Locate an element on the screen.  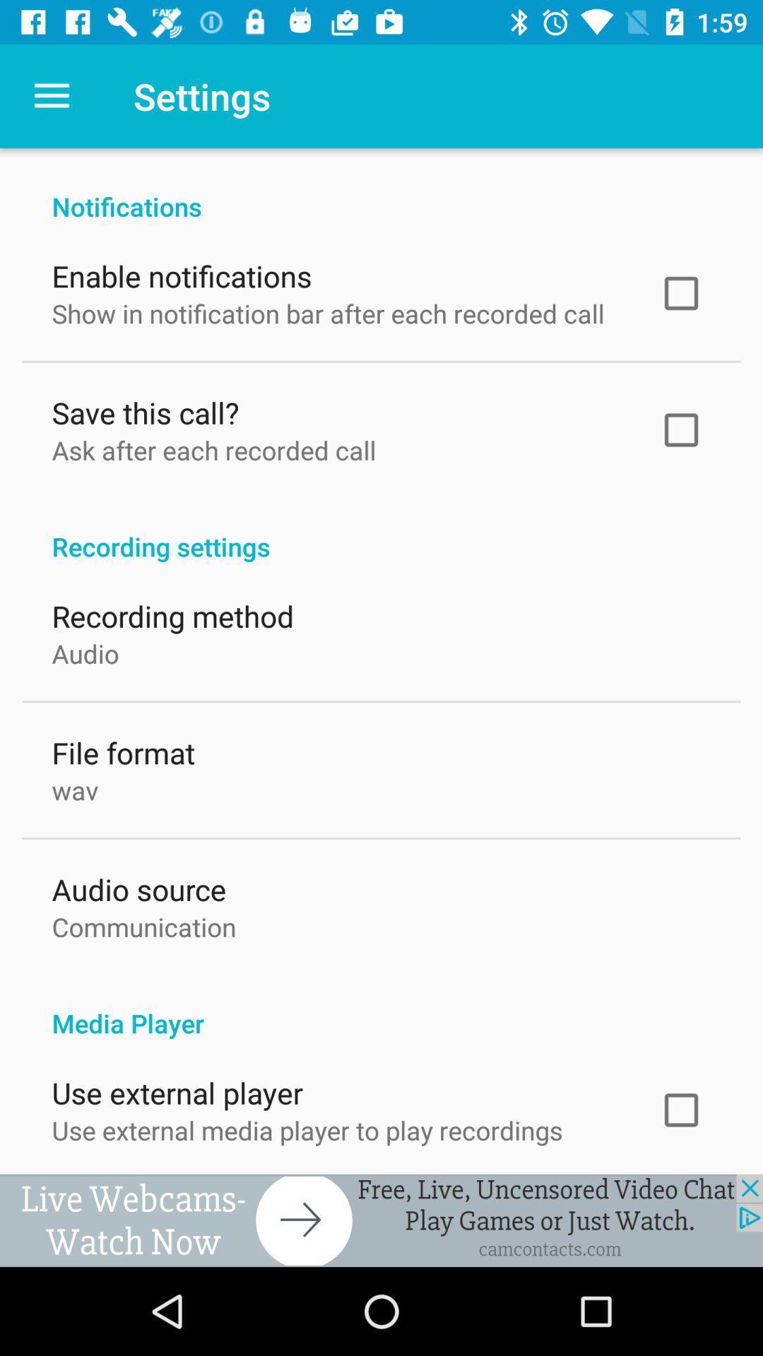
the enable notifications is located at coordinates (181, 273).